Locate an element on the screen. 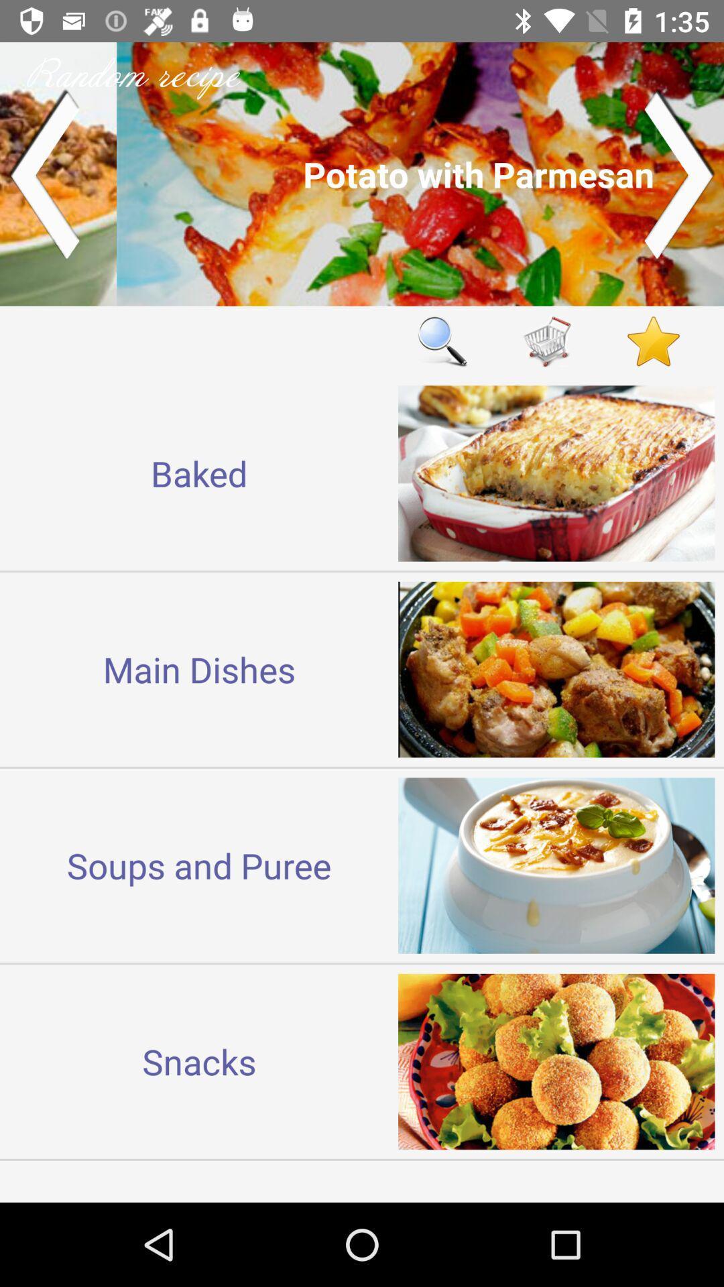 The height and width of the screenshot is (1287, 724). the baked item is located at coordinates (199, 473).